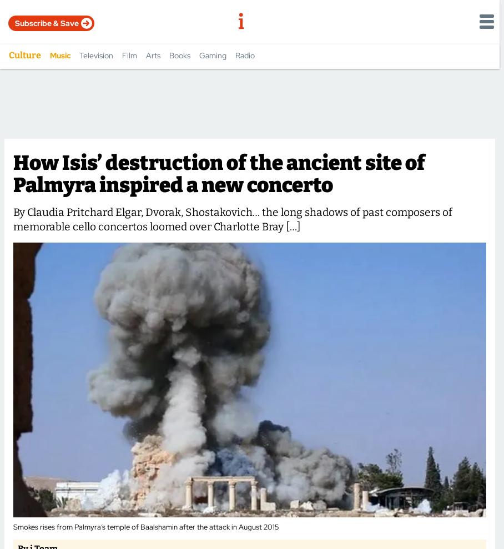 The height and width of the screenshot is (549, 504). I want to click on 'Books', so click(168, 55).